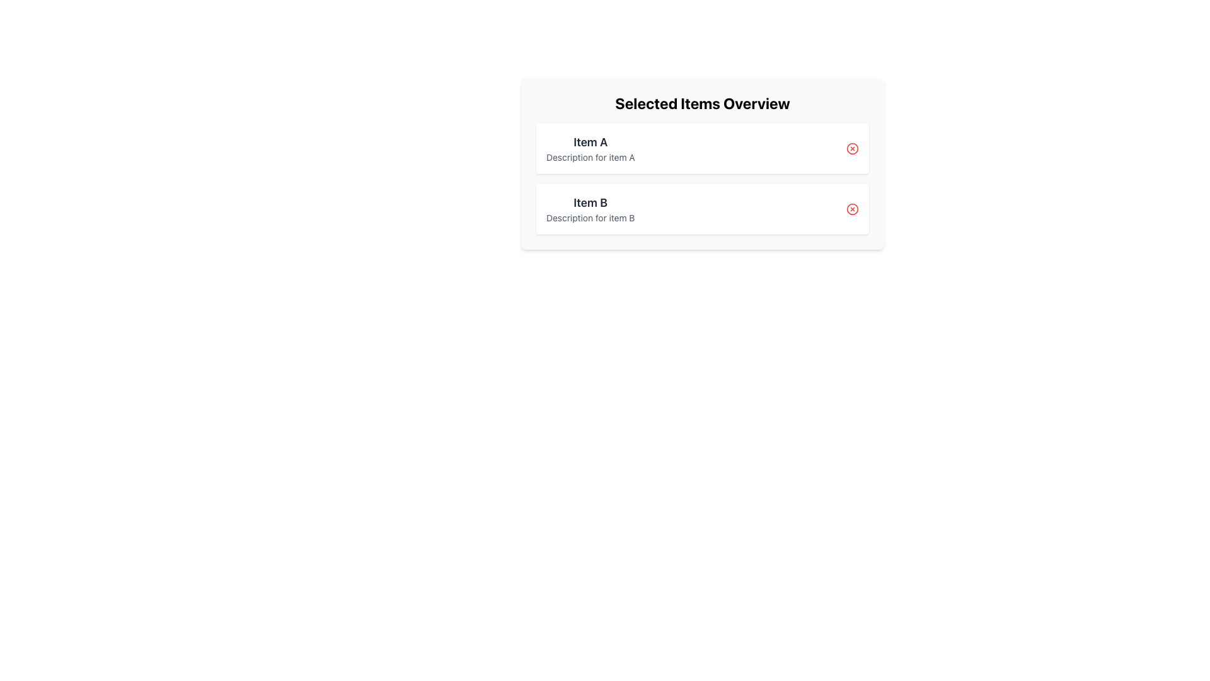 The width and height of the screenshot is (1210, 681). What do you see at coordinates (853, 208) in the screenshot?
I see `the button for removing or closing the associated item from the list, located in the panel labeled 'Item B - Description for item B' at the rightmost side` at bounding box center [853, 208].